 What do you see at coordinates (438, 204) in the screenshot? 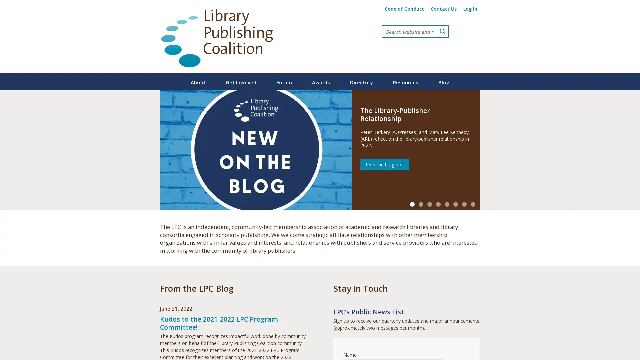
I see `Go to slide 4` at bounding box center [438, 204].